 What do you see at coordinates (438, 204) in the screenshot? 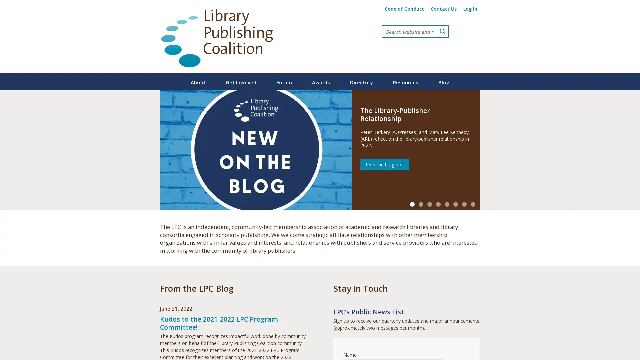
I see `Go to slide 4` at bounding box center [438, 204].